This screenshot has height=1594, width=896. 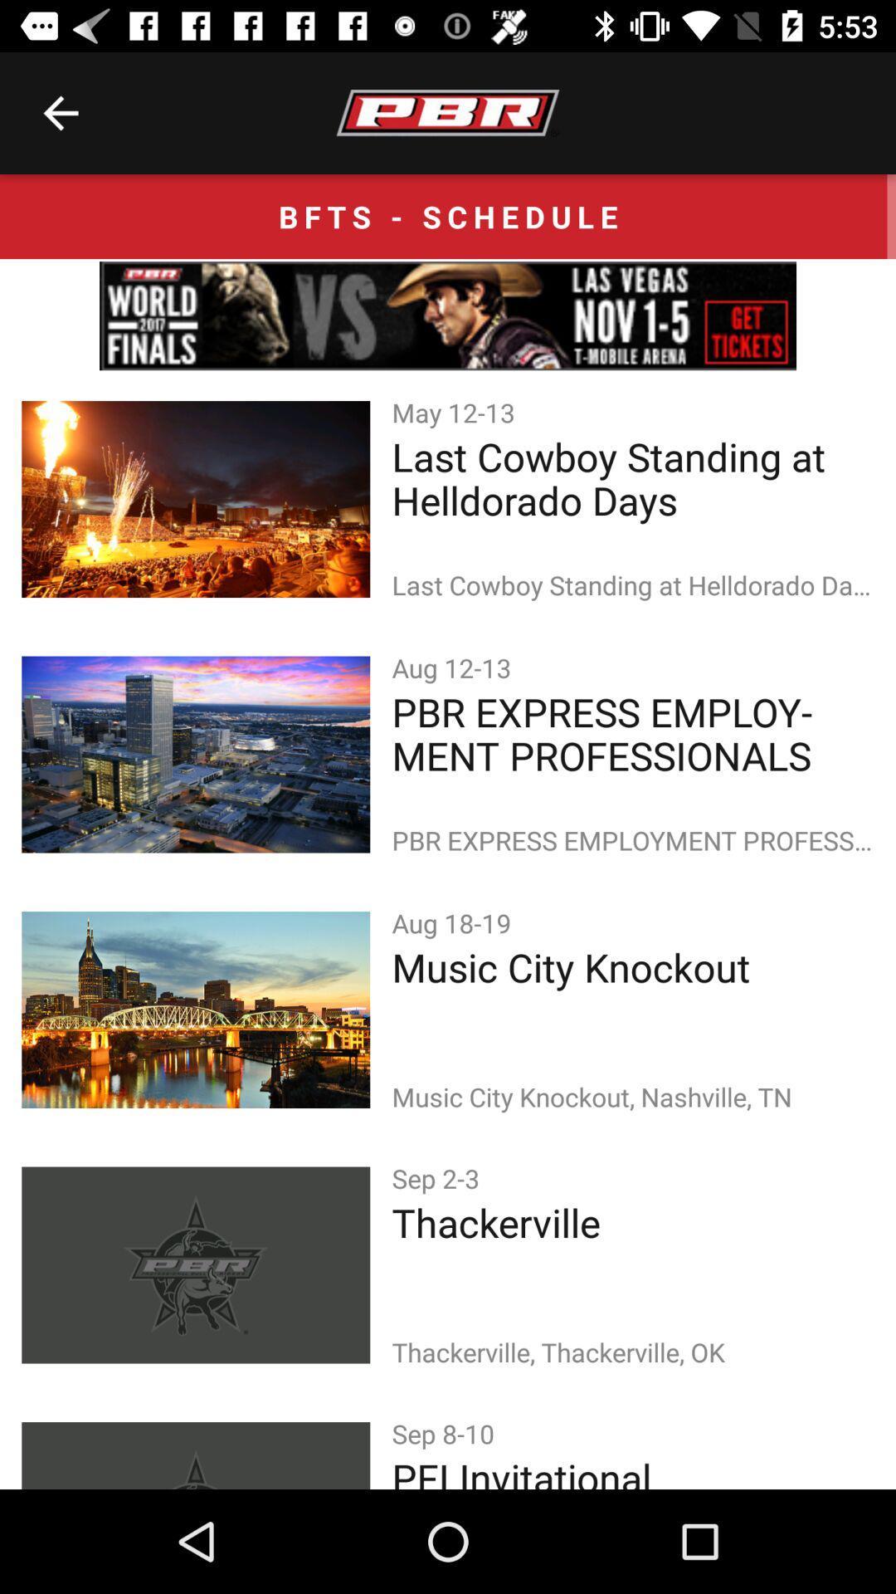 What do you see at coordinates (438, 1177) in the screenshot?
I see `the sep 2-3 icon` at bounding box center [438, 1177].